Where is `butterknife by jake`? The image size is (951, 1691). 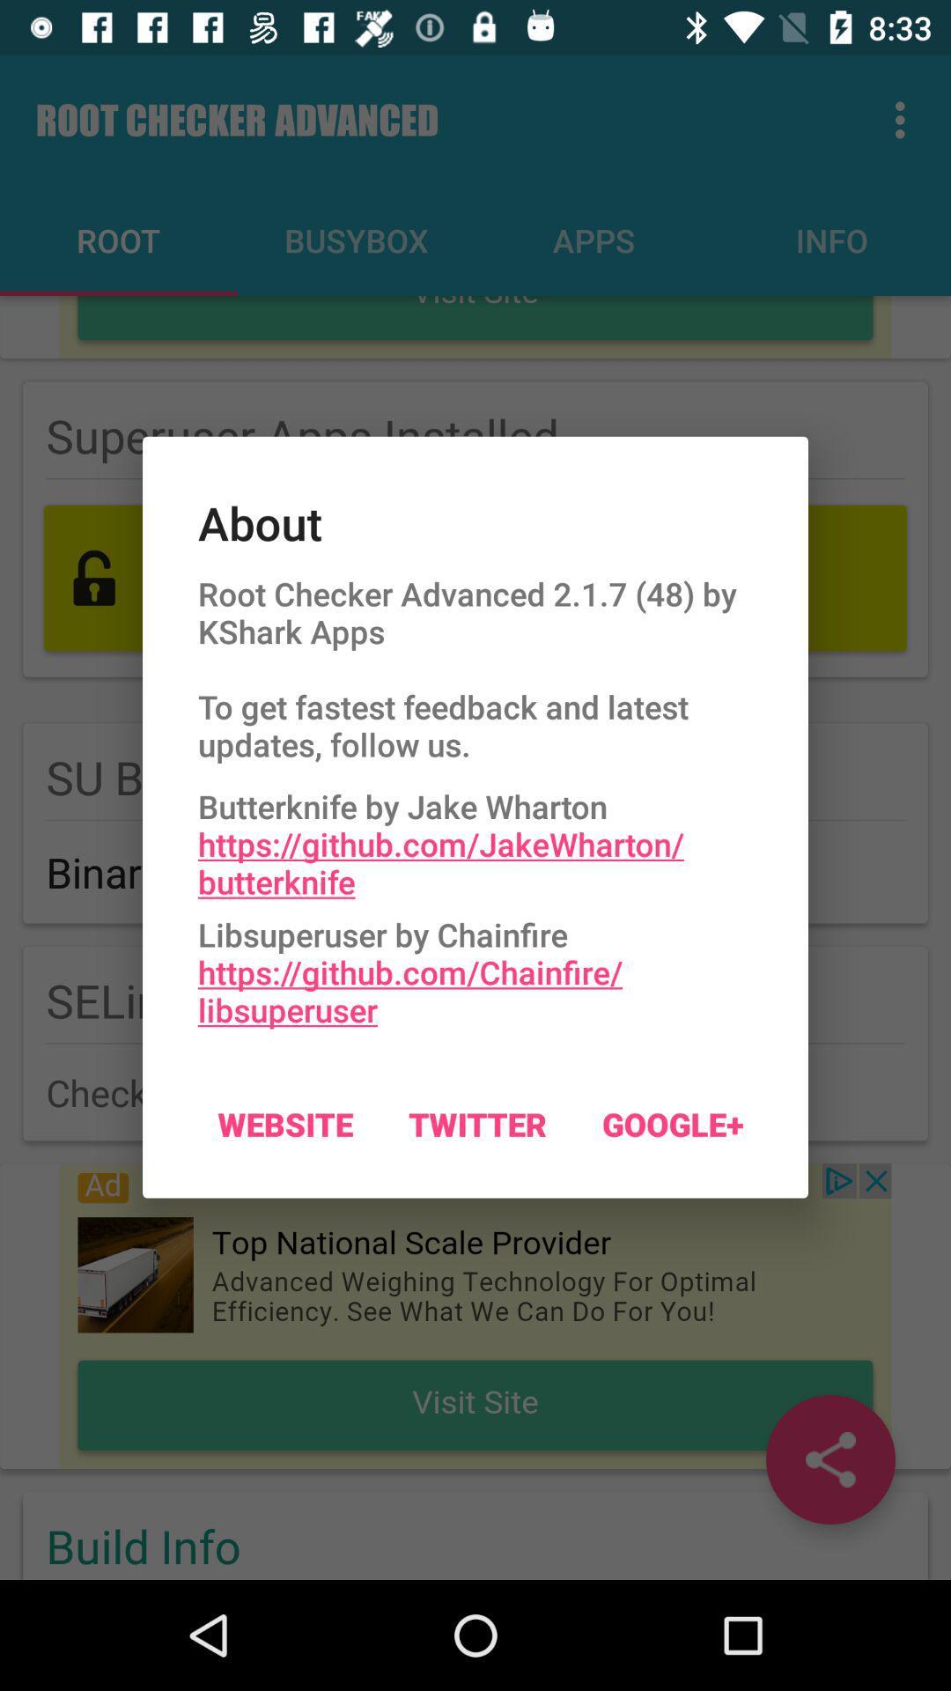 butterknife by jake is located at coordinates (475, 838).